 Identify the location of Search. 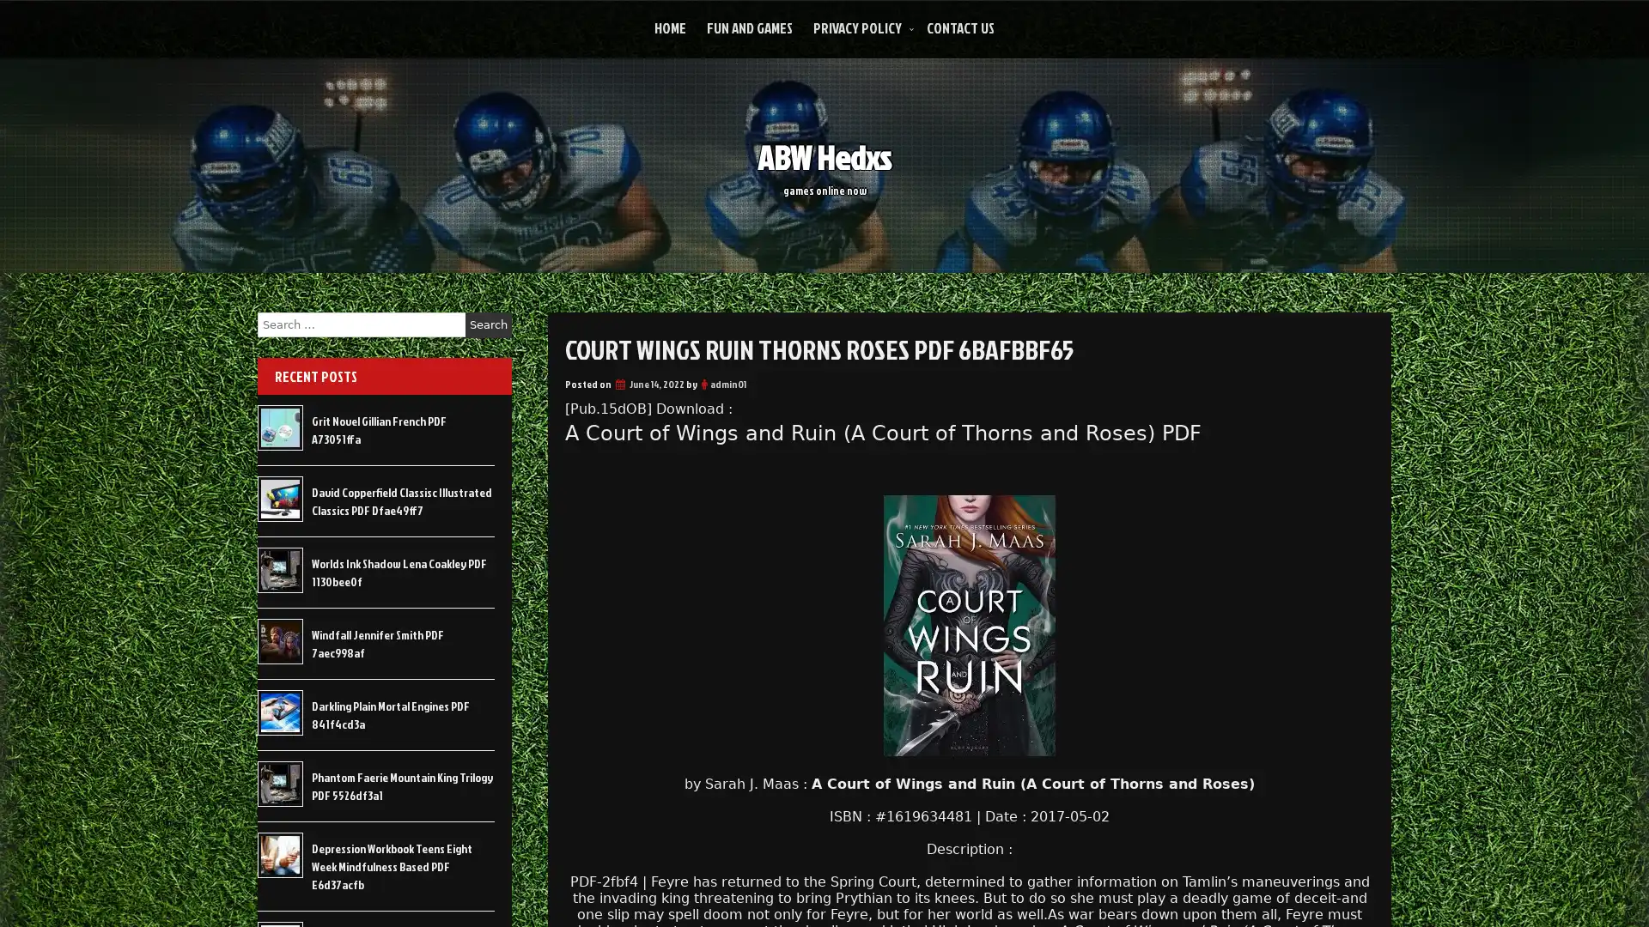
(488, 324).